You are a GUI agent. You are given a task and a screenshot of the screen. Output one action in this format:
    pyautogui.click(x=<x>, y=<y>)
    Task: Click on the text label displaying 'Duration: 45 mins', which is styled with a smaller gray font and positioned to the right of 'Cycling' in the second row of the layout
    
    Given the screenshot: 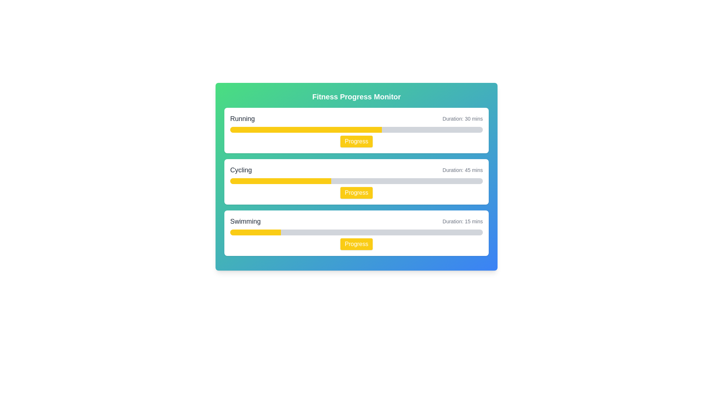 What is the action you would take?
    pyautogui.click(x=462, y=170)
    